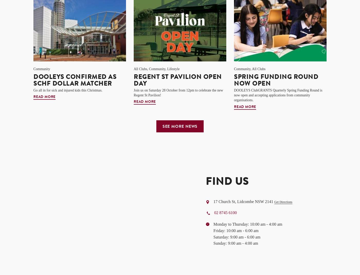  I want to click on '02 8745 6100', so click(225, 213).